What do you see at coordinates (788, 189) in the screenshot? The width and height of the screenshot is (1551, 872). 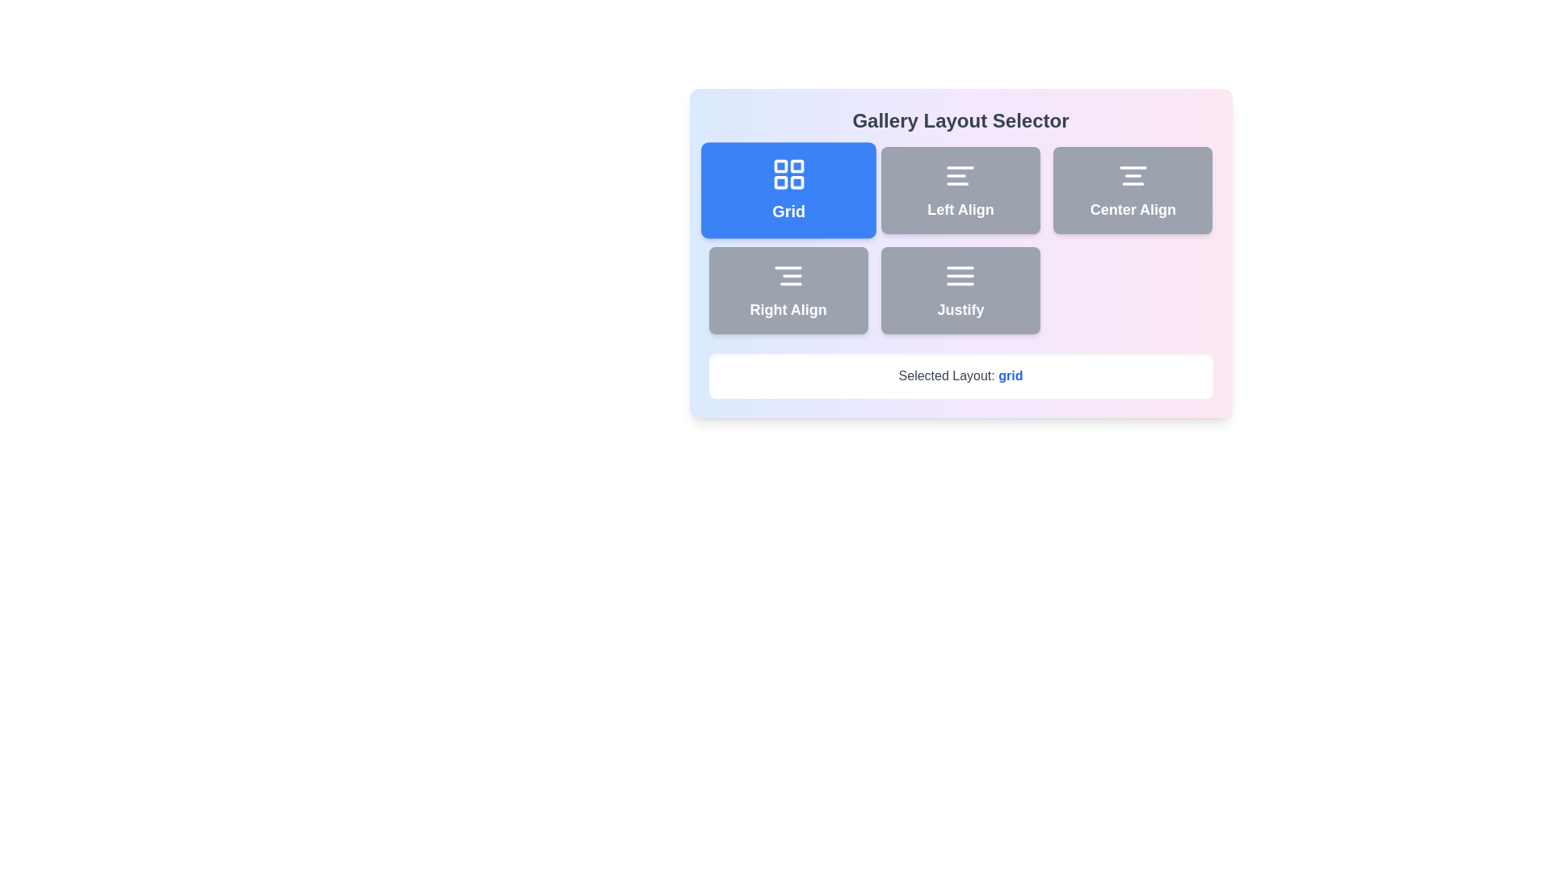 I see `the first button in the top-left of the grid layout` at bounding box center [788, 189].